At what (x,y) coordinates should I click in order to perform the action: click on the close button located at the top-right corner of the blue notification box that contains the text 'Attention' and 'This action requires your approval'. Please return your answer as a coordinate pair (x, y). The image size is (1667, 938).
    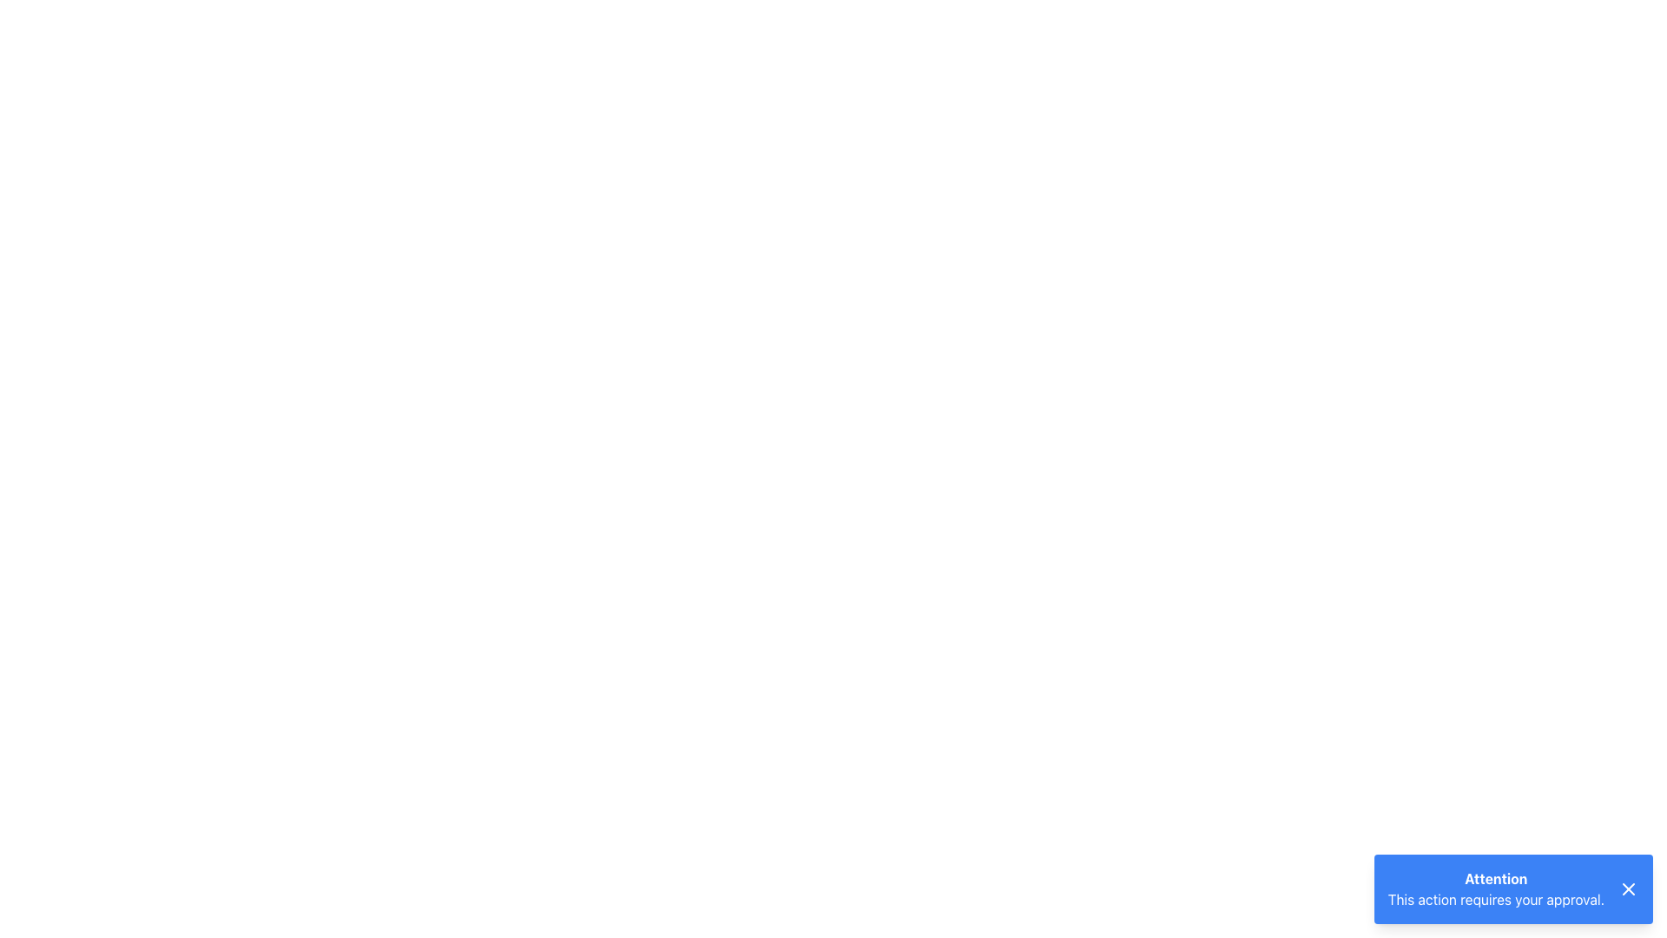
    Looking at the image, I should click on (1628, 888).